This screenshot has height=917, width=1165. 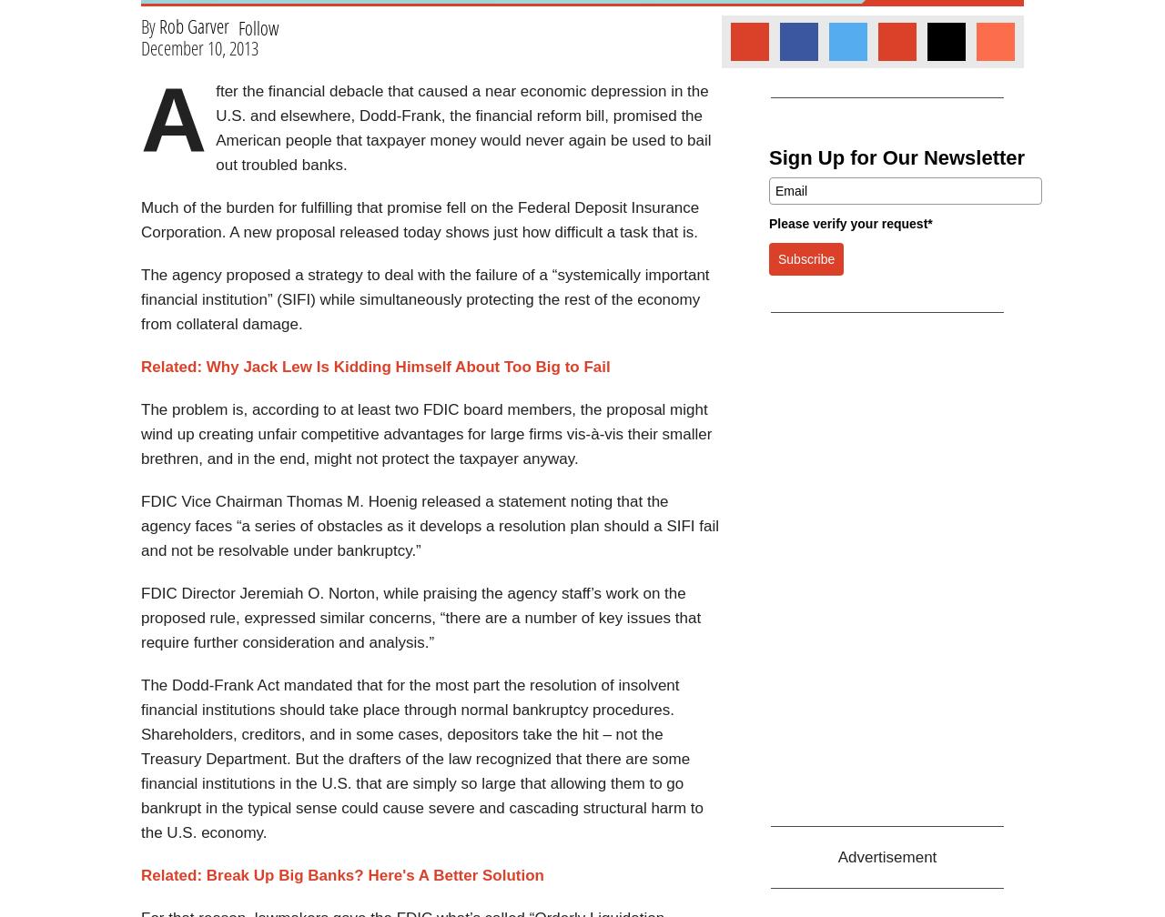 What do you see at coordinates (429, 526) in the screenshot?
I see `'FDIC Vice Chairman Thomas M. Hoenig released a statement noting that the agency faces “a series of obstacles as it develops a resolution plan should a SIFI fail and not be resolvable under bankruptcy.”'` at bounding box center [429, 526].